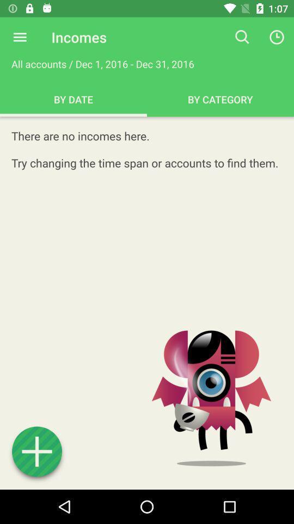 The width and height of the screenshot is (294, 524). I want to click on explore menu options, so click(20, 37).